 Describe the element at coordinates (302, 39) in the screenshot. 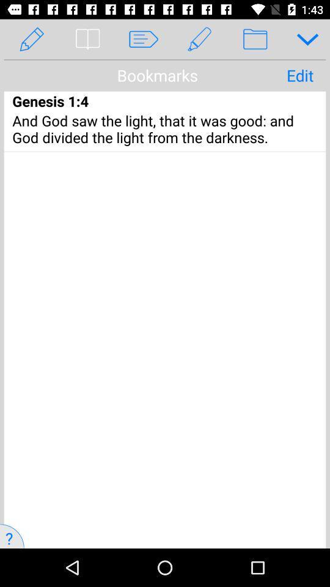

I see `the expand_more icon` at that location.